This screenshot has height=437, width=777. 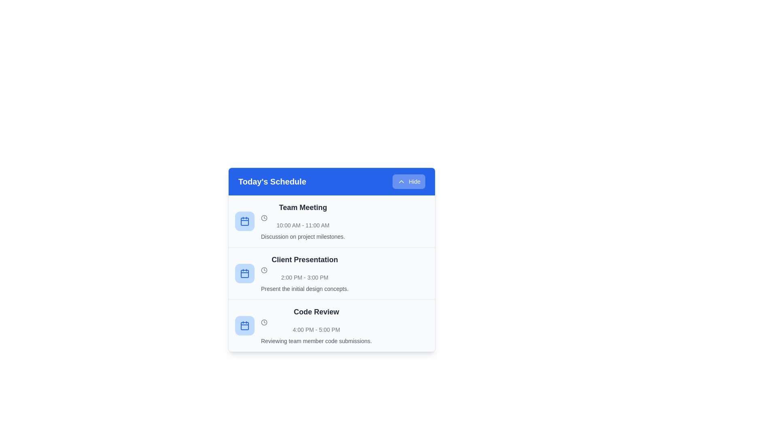 I want to click on the second list item in the vertical schedule entries, so click(x=332, y=273).